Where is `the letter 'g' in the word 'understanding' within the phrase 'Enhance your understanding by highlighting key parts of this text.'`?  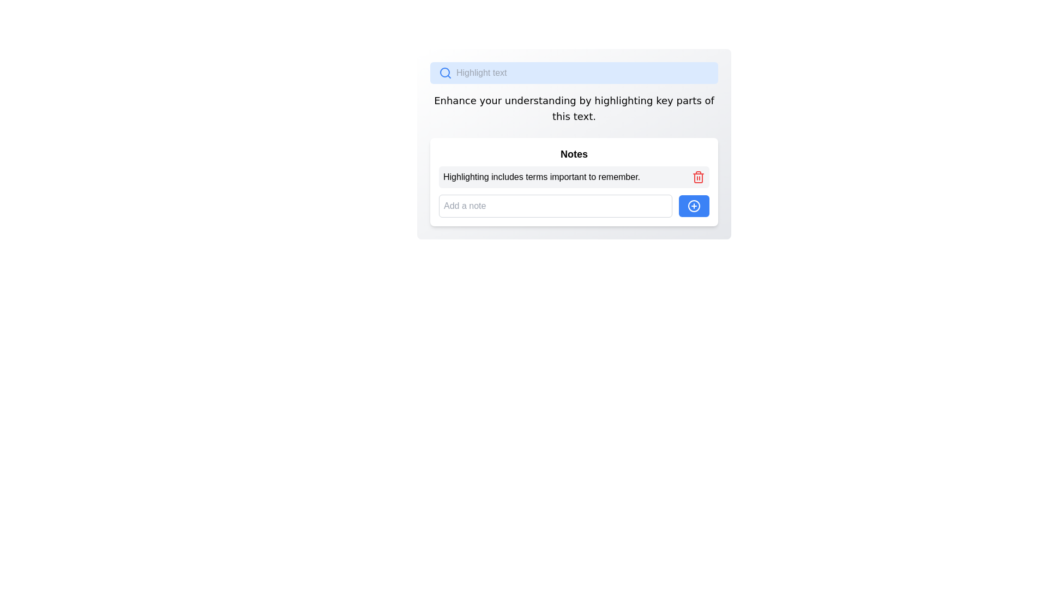
the letter 'g' in the word 'understanding' within the phrase 'Enhance your understanding by highlighting key parts of this text.' is located at coordinates (573, 100).